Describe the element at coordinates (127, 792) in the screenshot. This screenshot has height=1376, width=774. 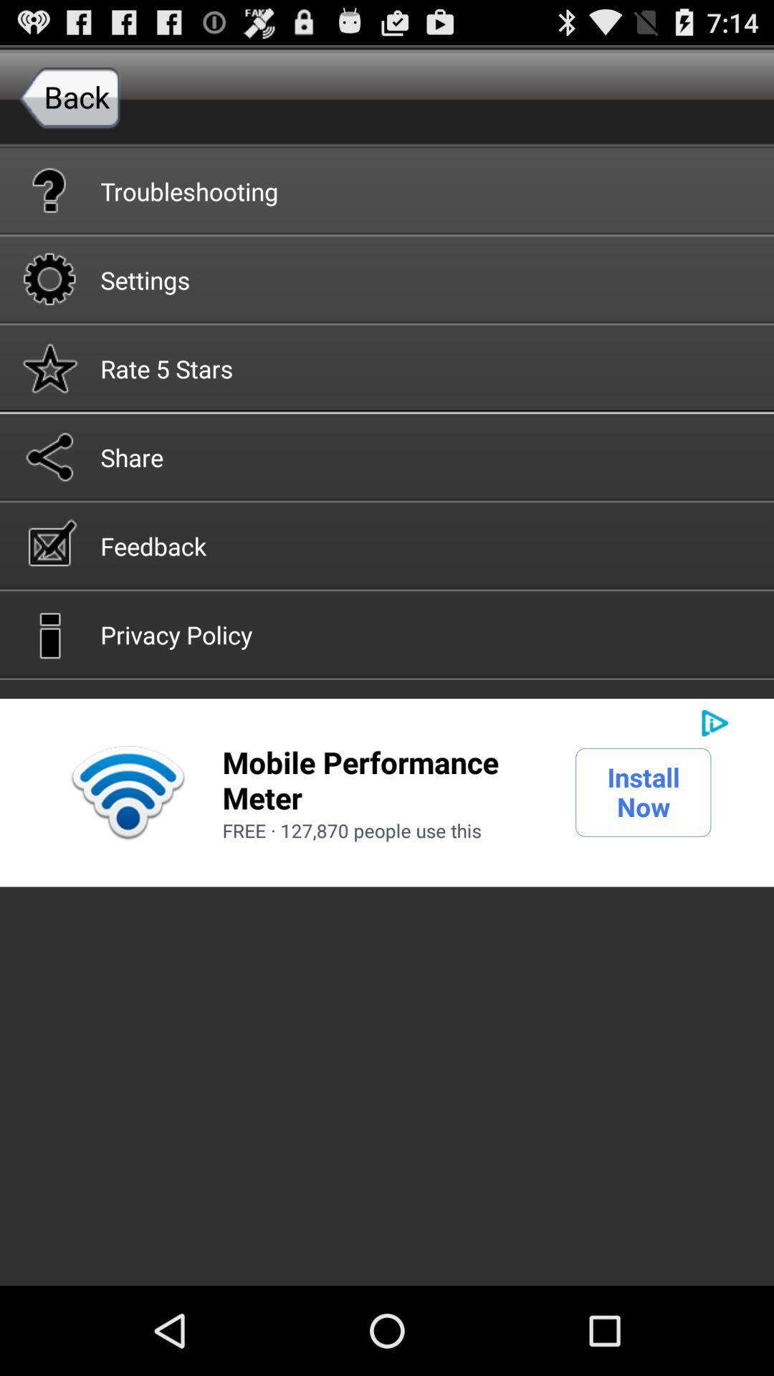
I see `item next to mobile performance meter icon` at that location.